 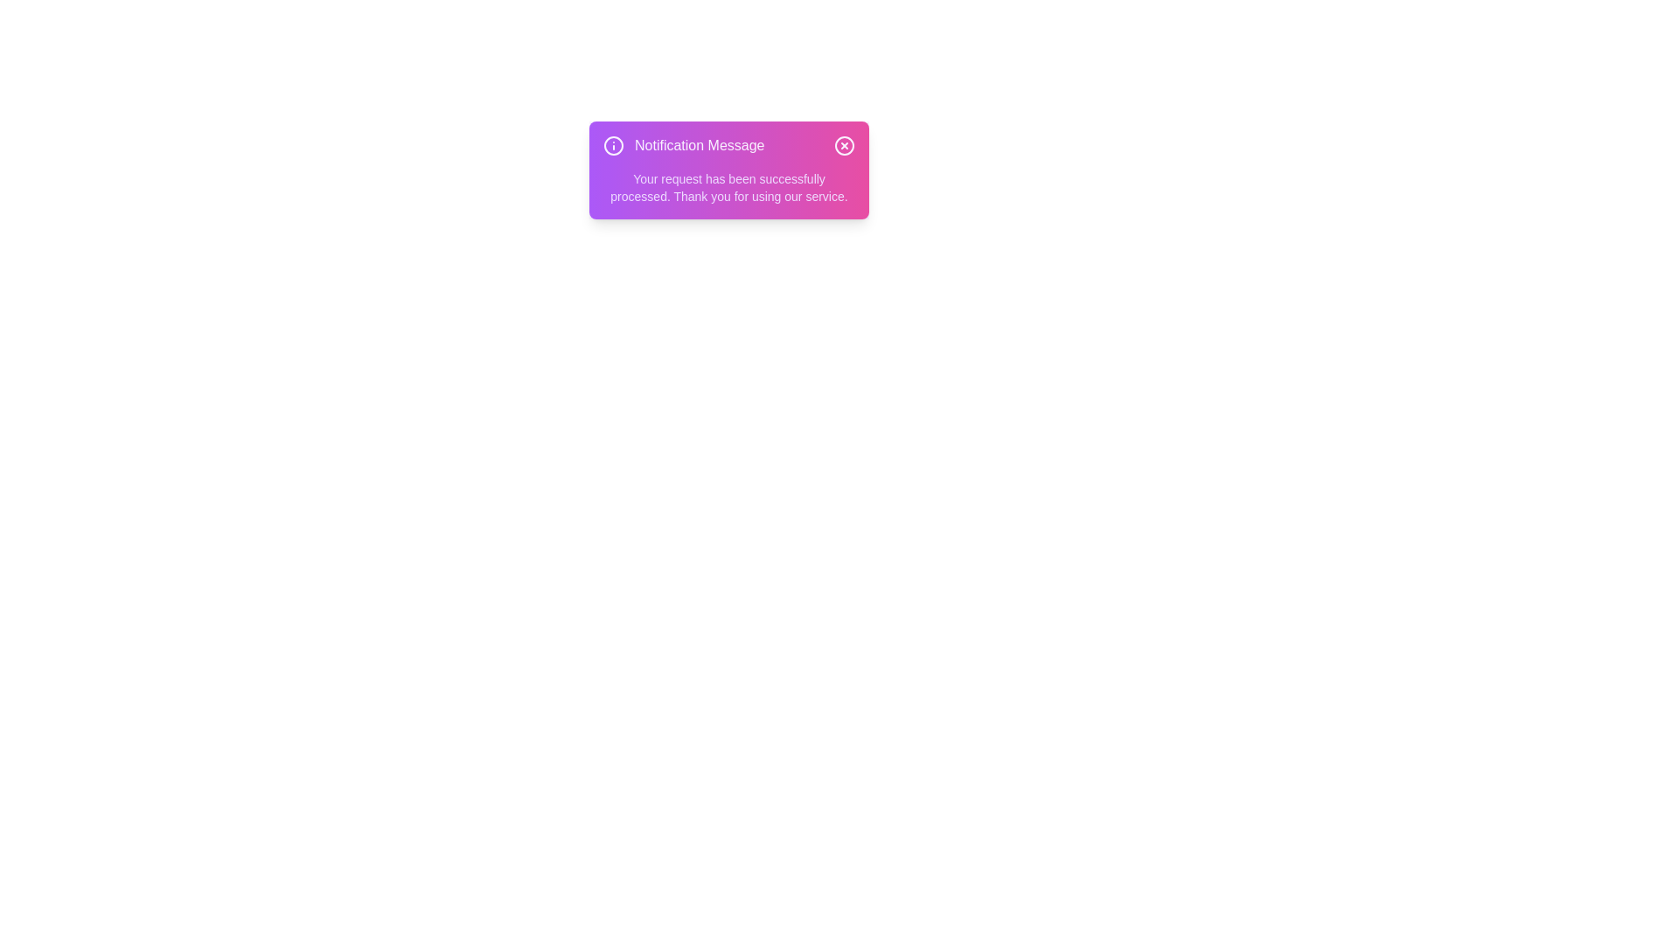 What do you see at coordinates (729, 144) in the screenshot?
I see `the header bar titled 'Notification Message'` at bounding box center [729, 144].